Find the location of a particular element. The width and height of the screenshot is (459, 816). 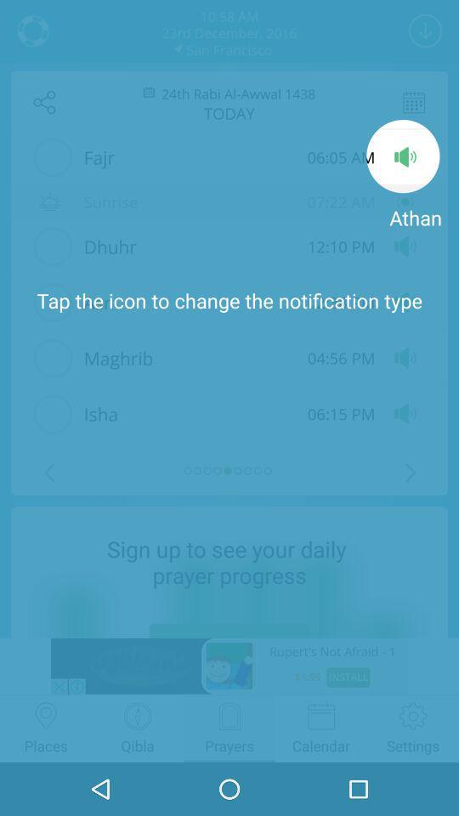

the places icon at the bottom is located at coordinates (46, 715).